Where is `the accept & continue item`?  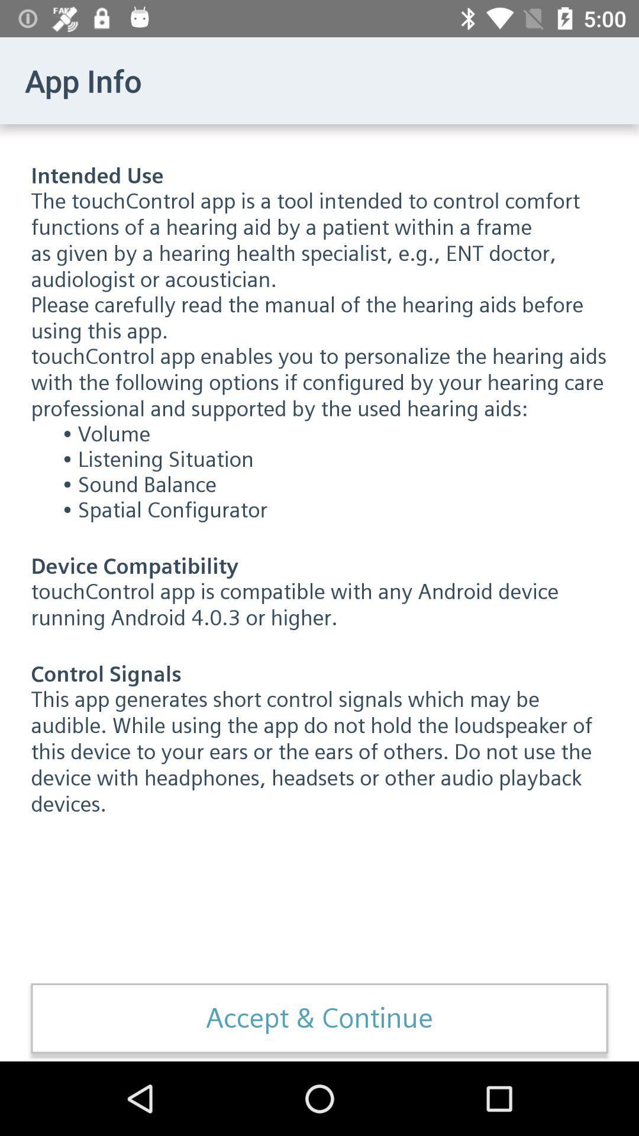 the accept & continue item is located at coordinates (319, 1018).